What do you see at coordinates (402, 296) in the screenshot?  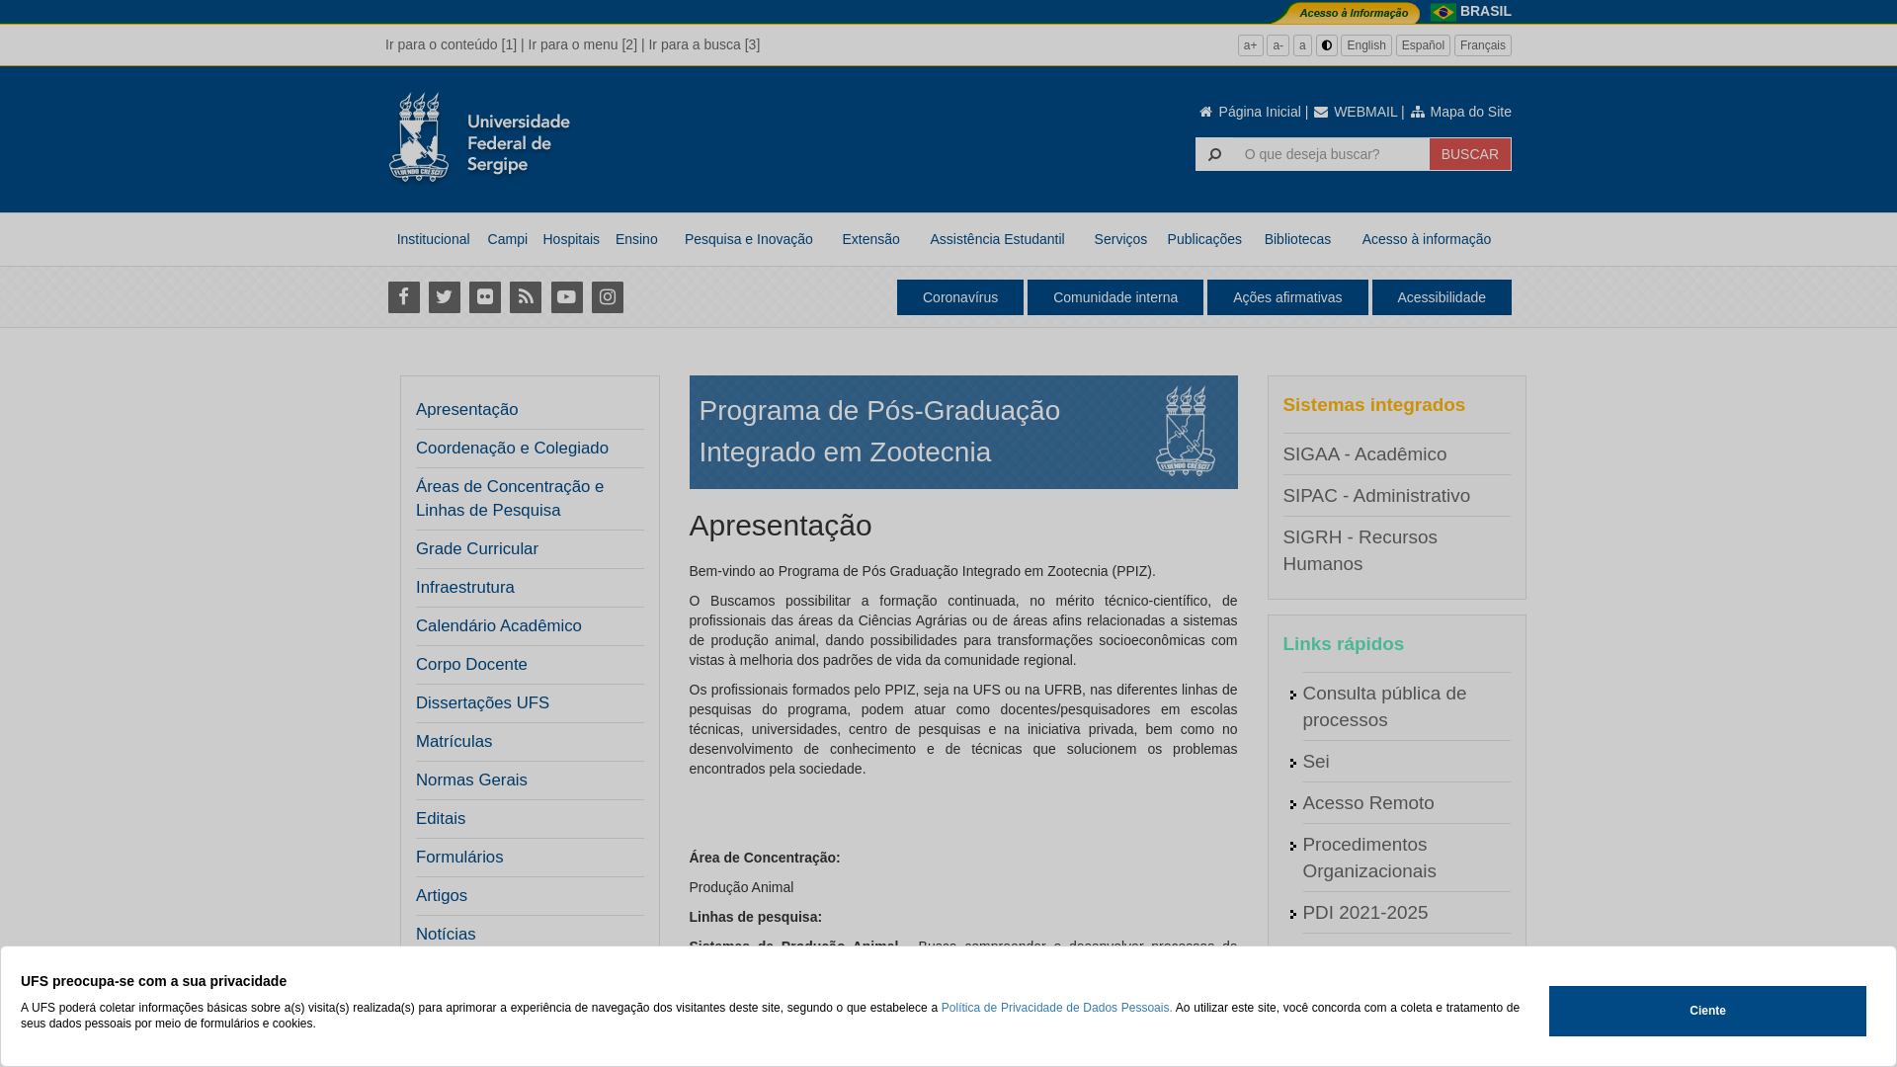 I see `'Facebook'` at bounding box center [402, 296].